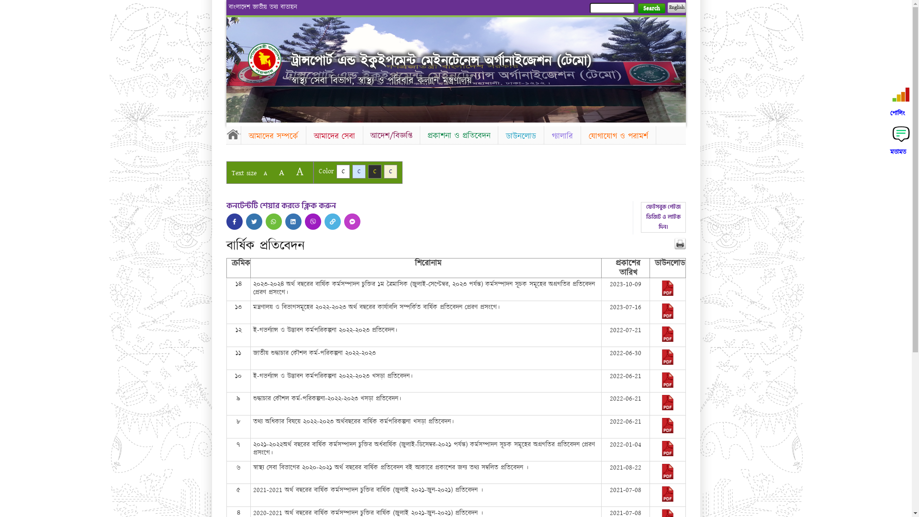 The width and height of the screenshot is (919, 517). What do you see at coordinates (358, 171) in the screenshot?
I see `'C'` at bounding box center [358, 171].